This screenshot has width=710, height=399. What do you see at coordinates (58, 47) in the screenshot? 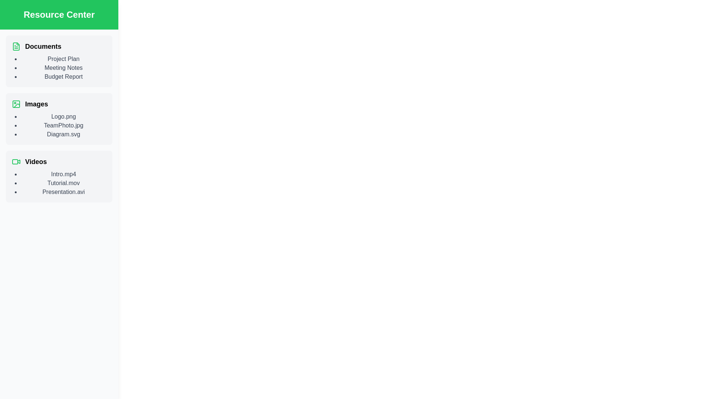
I see `the category labeled Documents to view its details` at bounding box center [58, 47].